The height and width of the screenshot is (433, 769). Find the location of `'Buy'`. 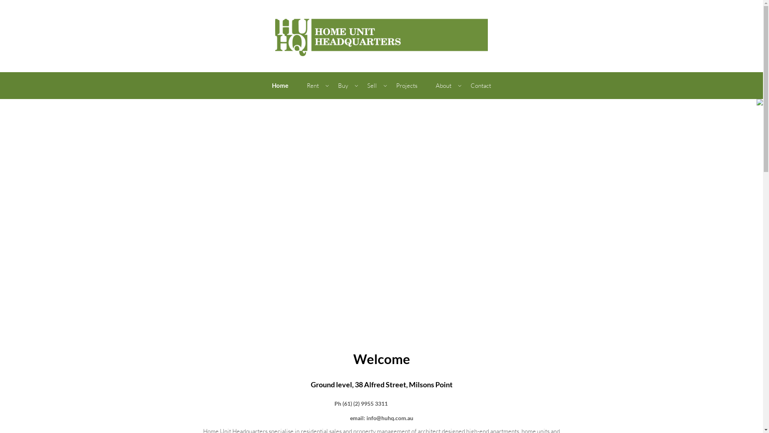

'Buy' is located at coordinates (343, 85).